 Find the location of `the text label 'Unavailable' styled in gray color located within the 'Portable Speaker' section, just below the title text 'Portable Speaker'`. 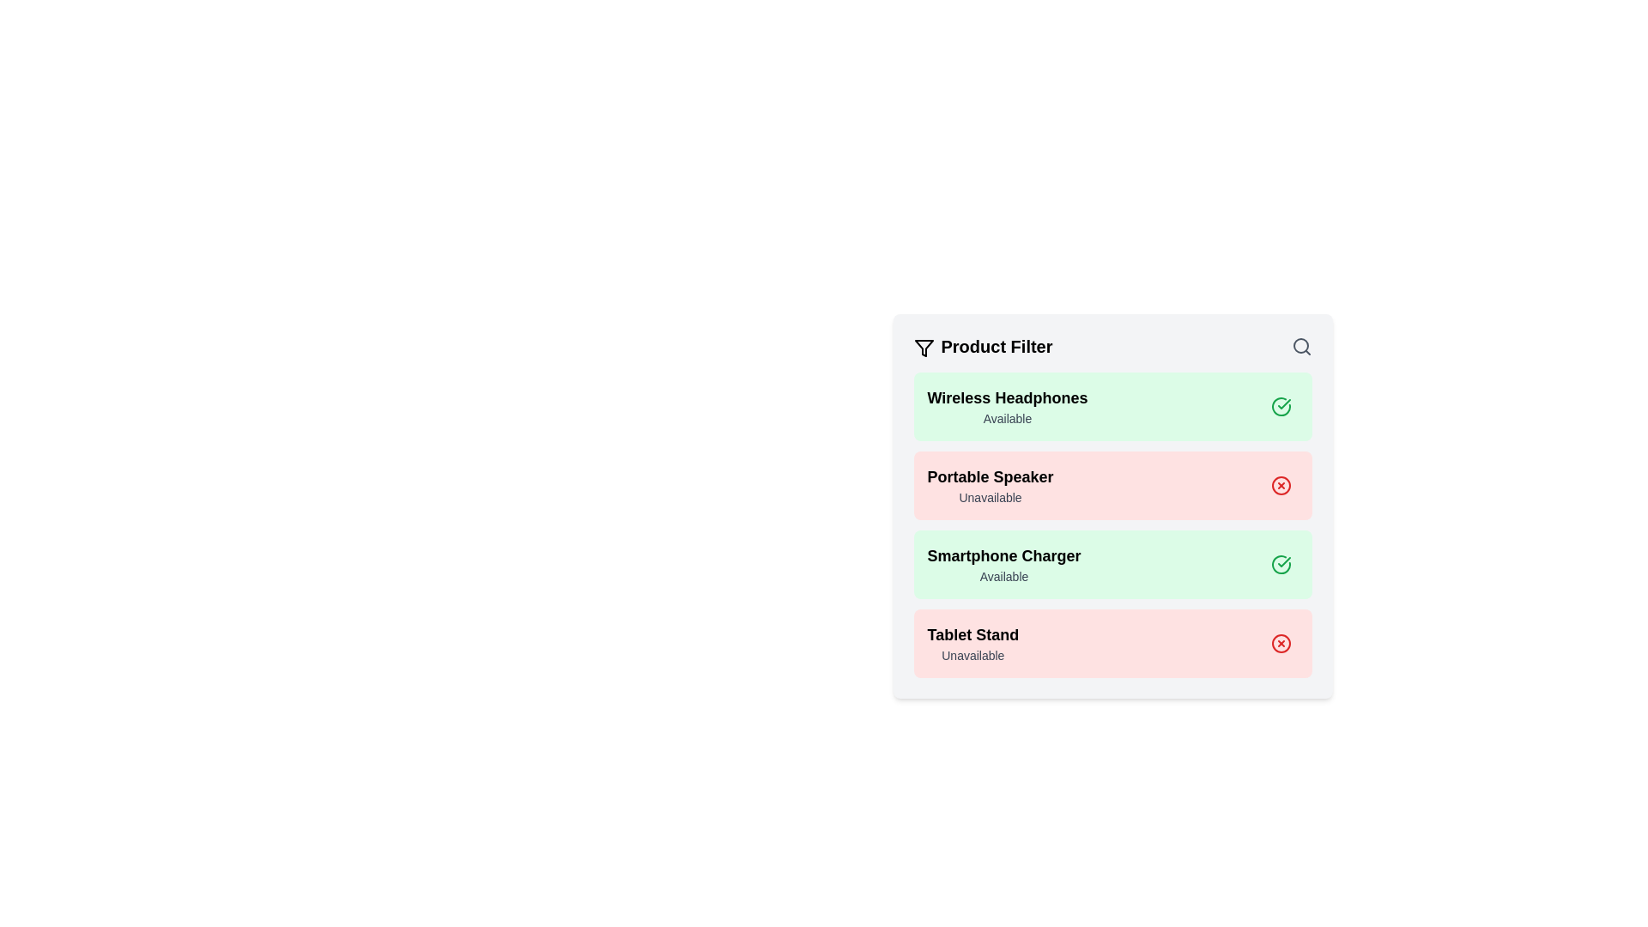

the text label 'Unavailable' styled in gray color located within the 'Portable Speaker' section, just below the title text 'Portable Speaker' is located at coordinates (991, 497).